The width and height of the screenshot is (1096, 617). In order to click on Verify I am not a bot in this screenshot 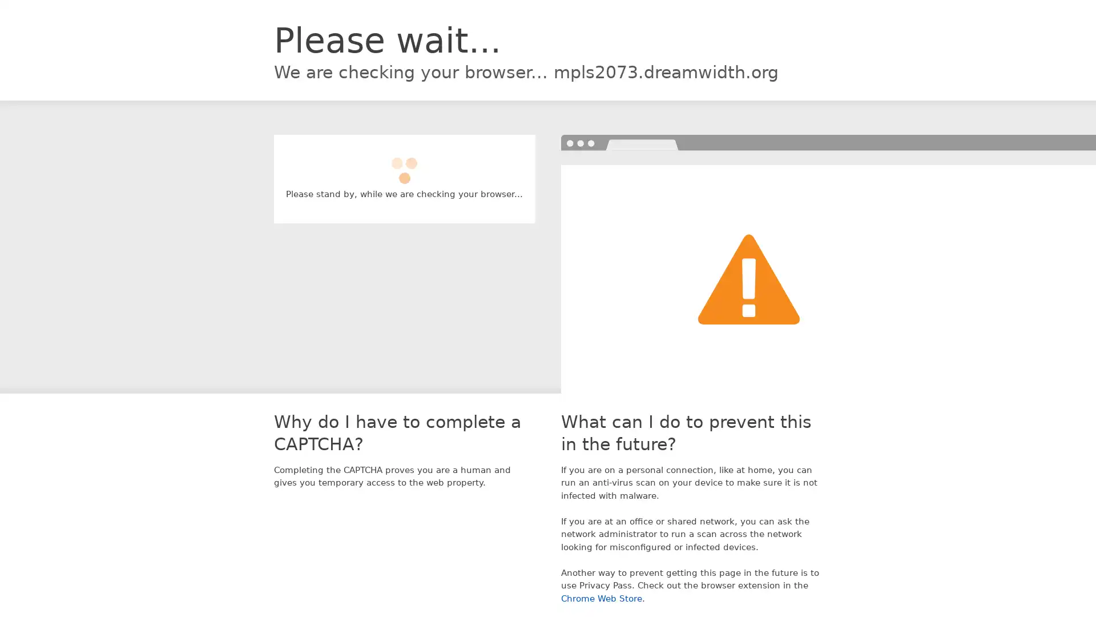, I will do `click(404, 165)`.